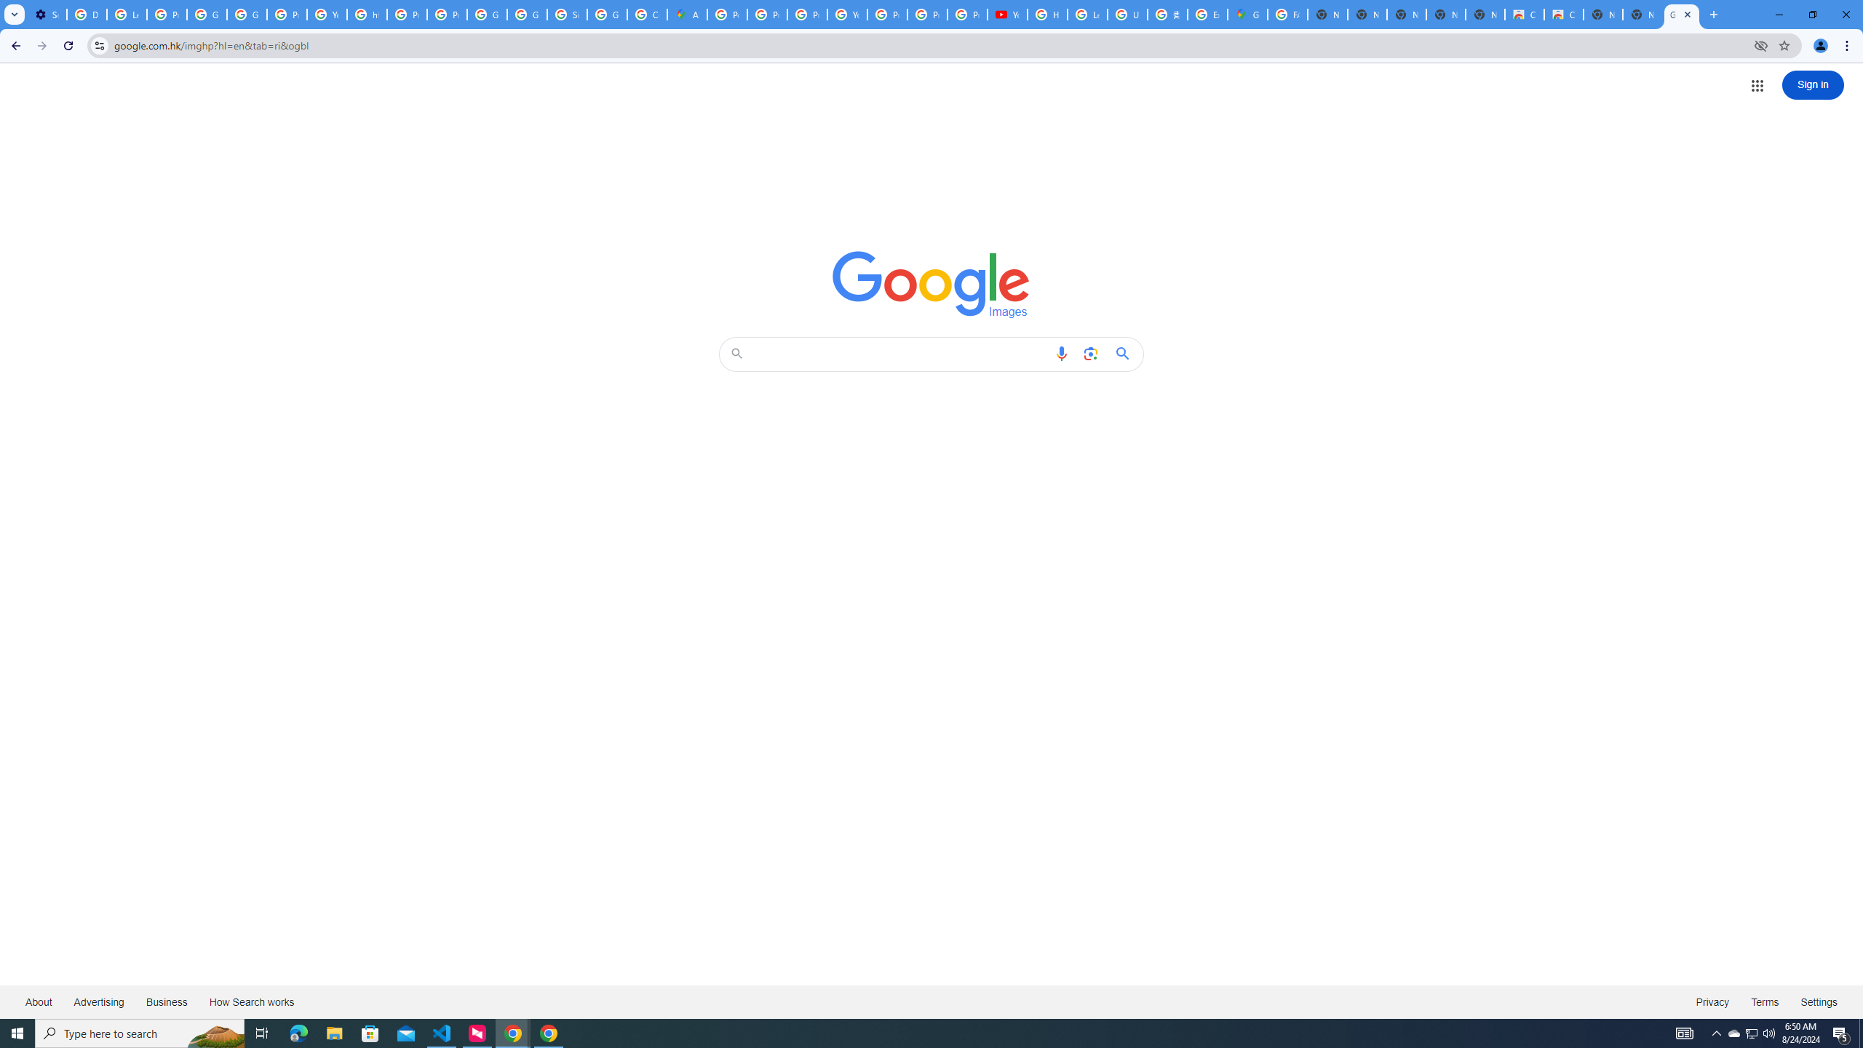 This screenshot has height=1048, width=1863. What do you see at coordinates (846, 14) in the screenshot?
I see `'YouTube'` at bounding box center [846, 14].